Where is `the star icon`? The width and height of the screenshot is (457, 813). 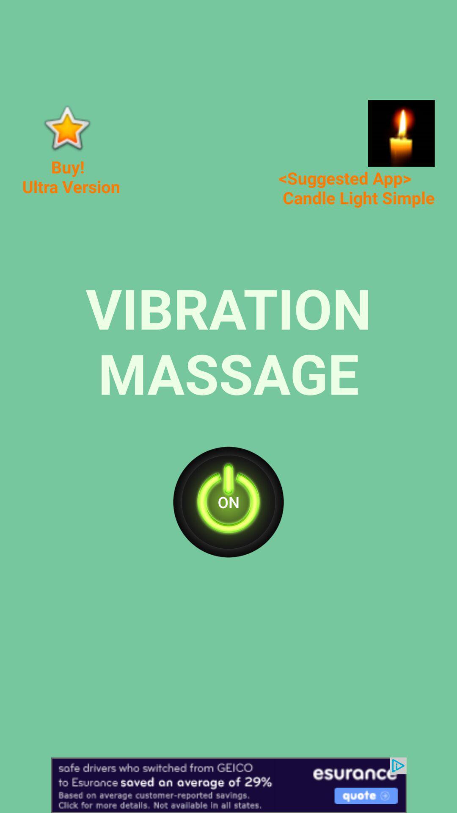 the star icon is located at coordinates (66, 127).